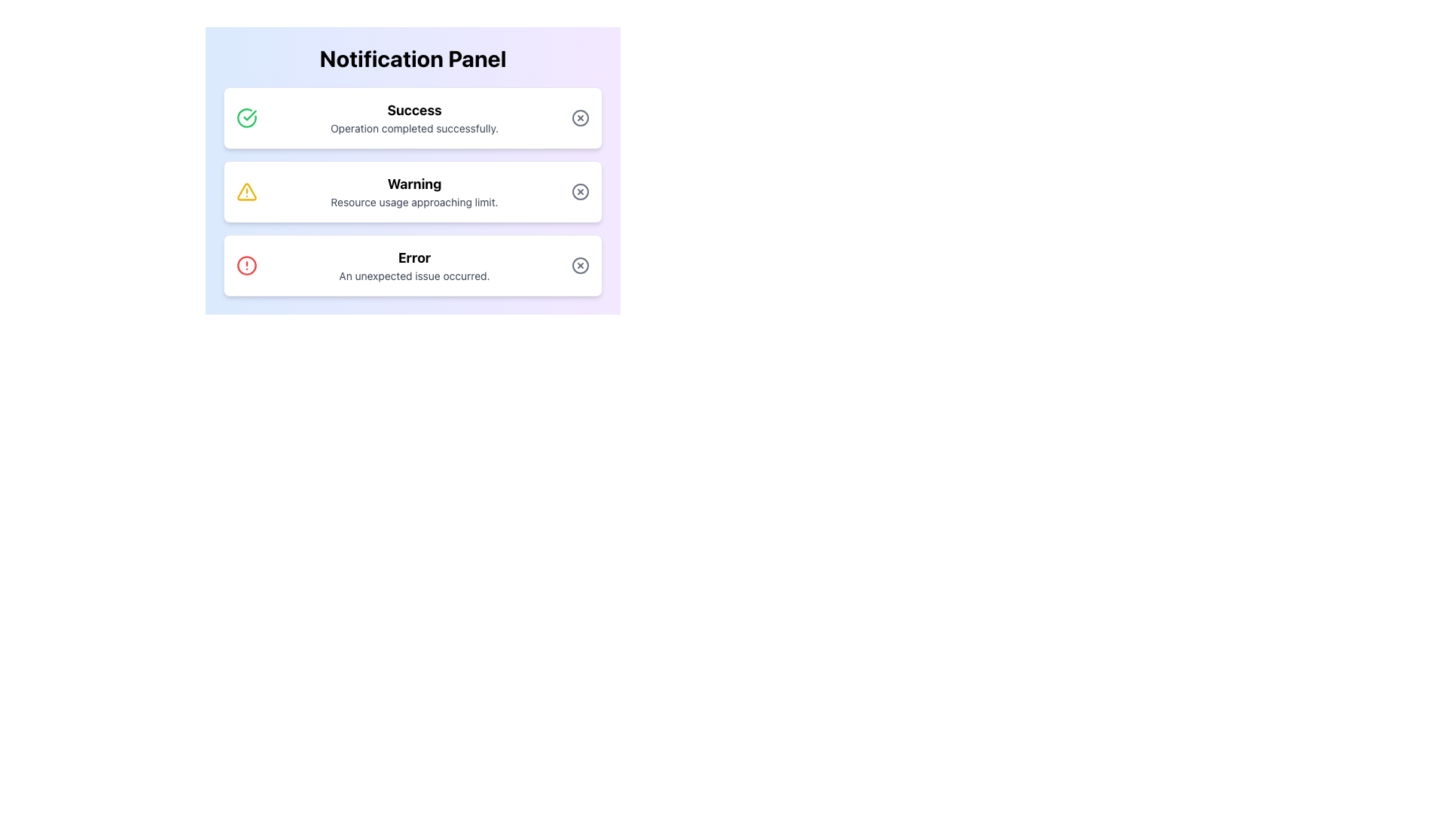 This screenshot has height=813, width=1446. I want to click on text content of the 'Notification Panel' title displayed in large, bold font at the top center of the panel with a gradient background, so click(413, 57).